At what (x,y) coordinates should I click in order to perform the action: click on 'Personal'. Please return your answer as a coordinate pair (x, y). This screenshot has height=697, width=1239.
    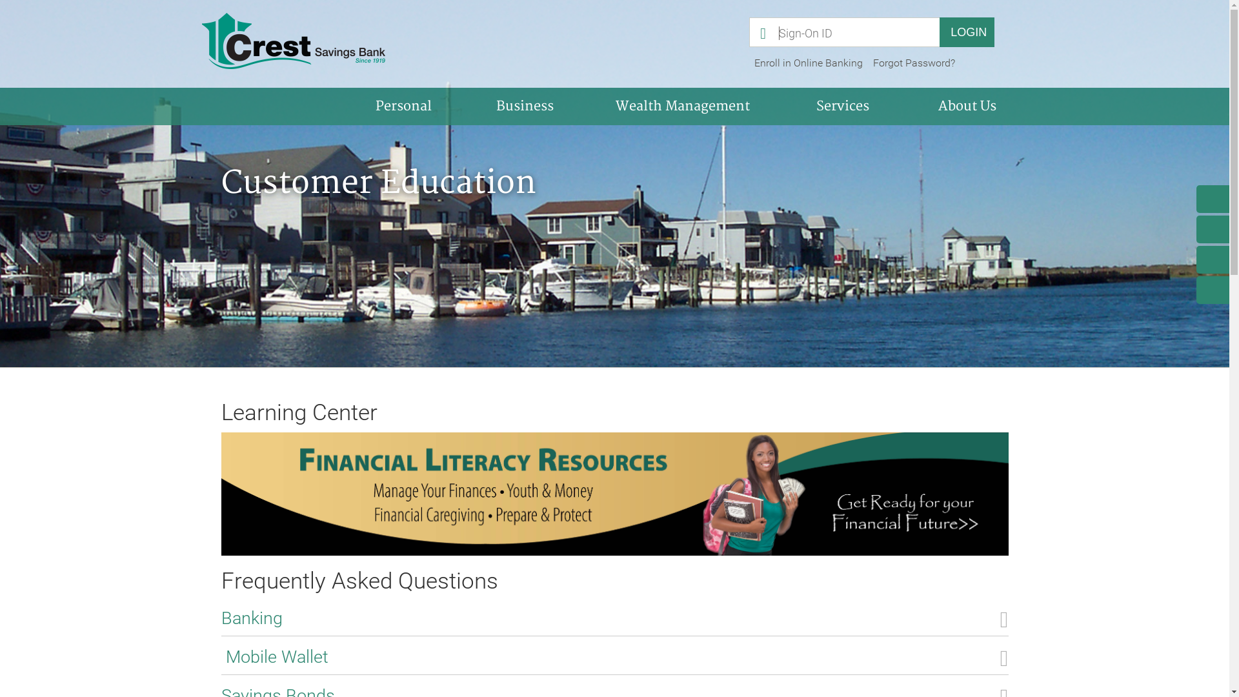
    Looking at the image, I should click on (343, 106).